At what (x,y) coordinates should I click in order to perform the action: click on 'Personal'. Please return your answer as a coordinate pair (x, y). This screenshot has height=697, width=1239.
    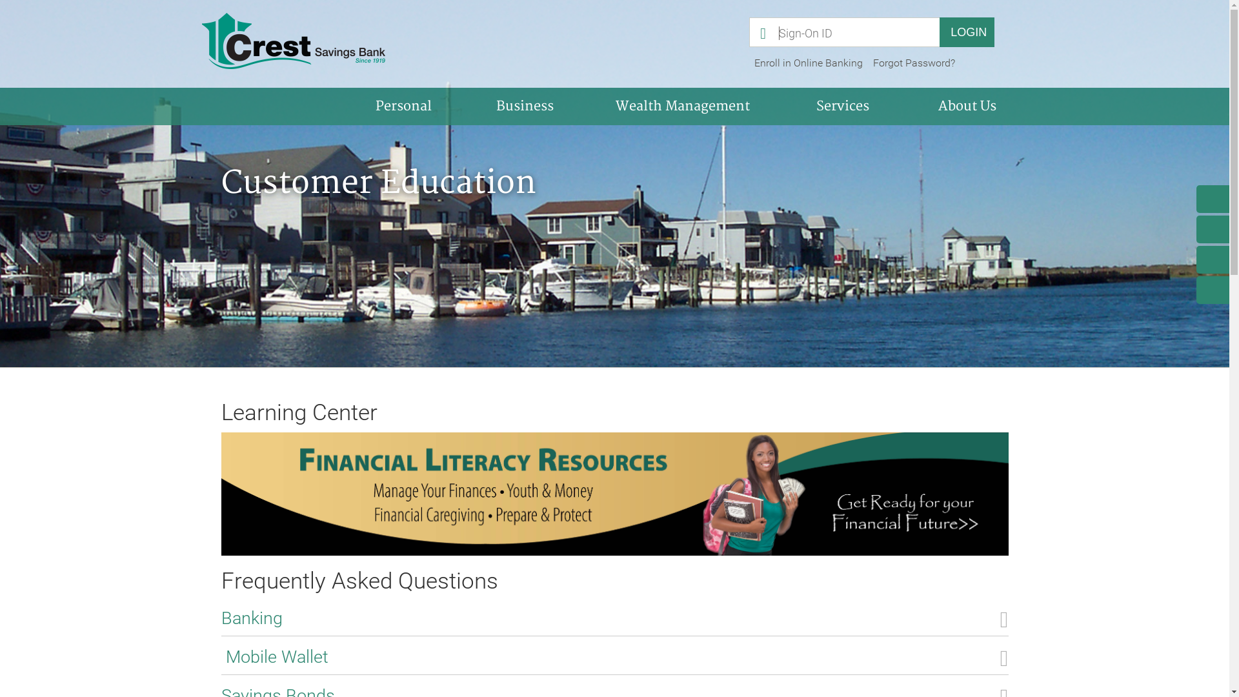
    Looking at the image, I should click on (343, 106).